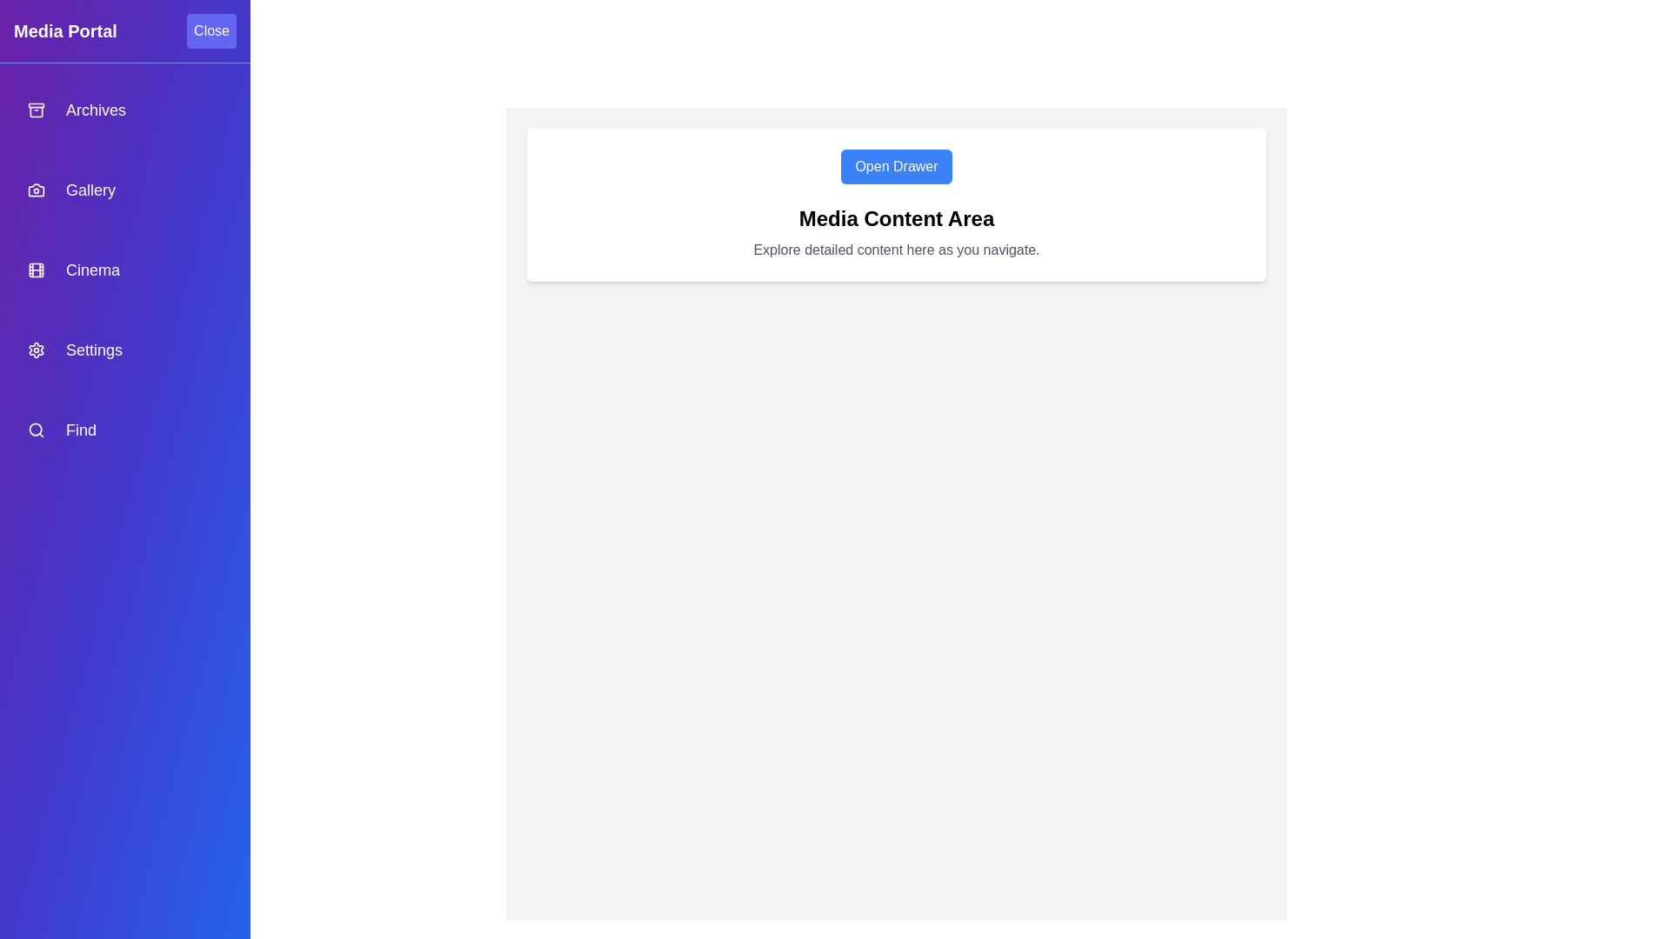  What do you see at coordinates (124, 350) in the screenshot?
I see `the navigation item Settings` at bounding box center [124, 350].